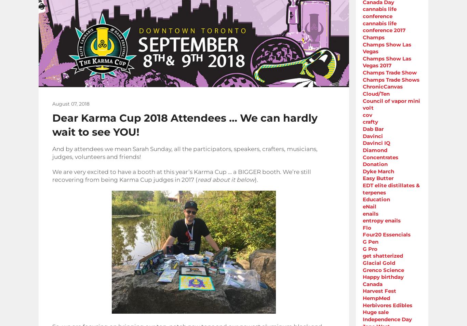 This screenshot has height=326, width=467. I want to click on 'Donation', so click(362, 164).